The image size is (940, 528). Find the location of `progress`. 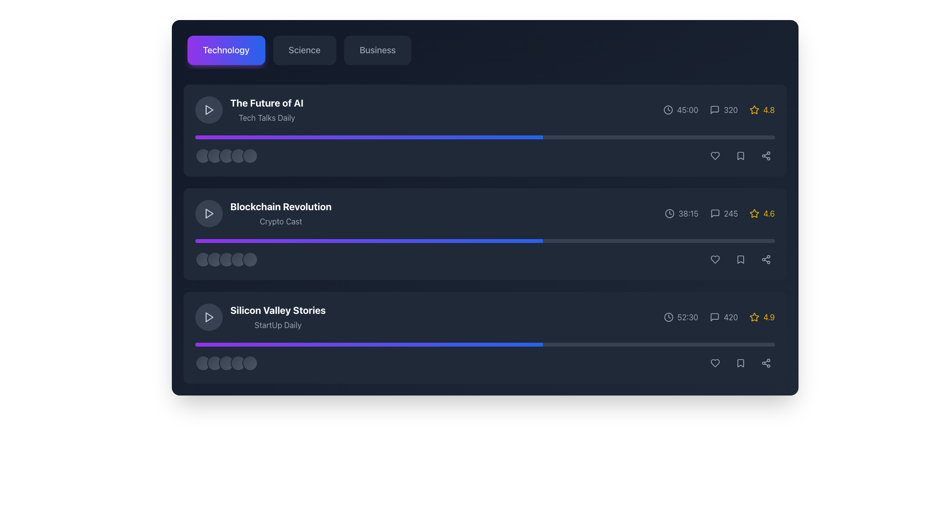

progress is located at coordinates (195, 241).